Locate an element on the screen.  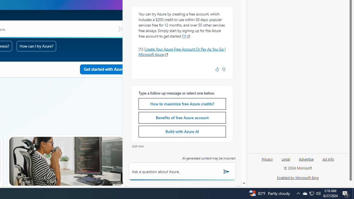
'Ad info' is located at coordinates (328, 161).